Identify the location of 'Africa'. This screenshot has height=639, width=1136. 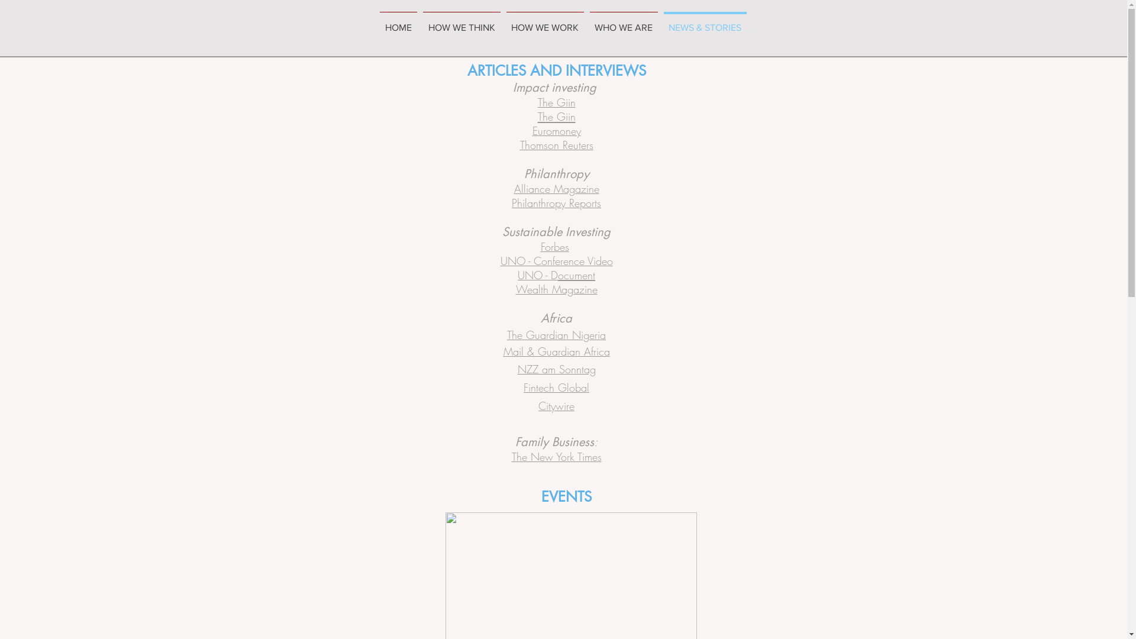
(556, 317).